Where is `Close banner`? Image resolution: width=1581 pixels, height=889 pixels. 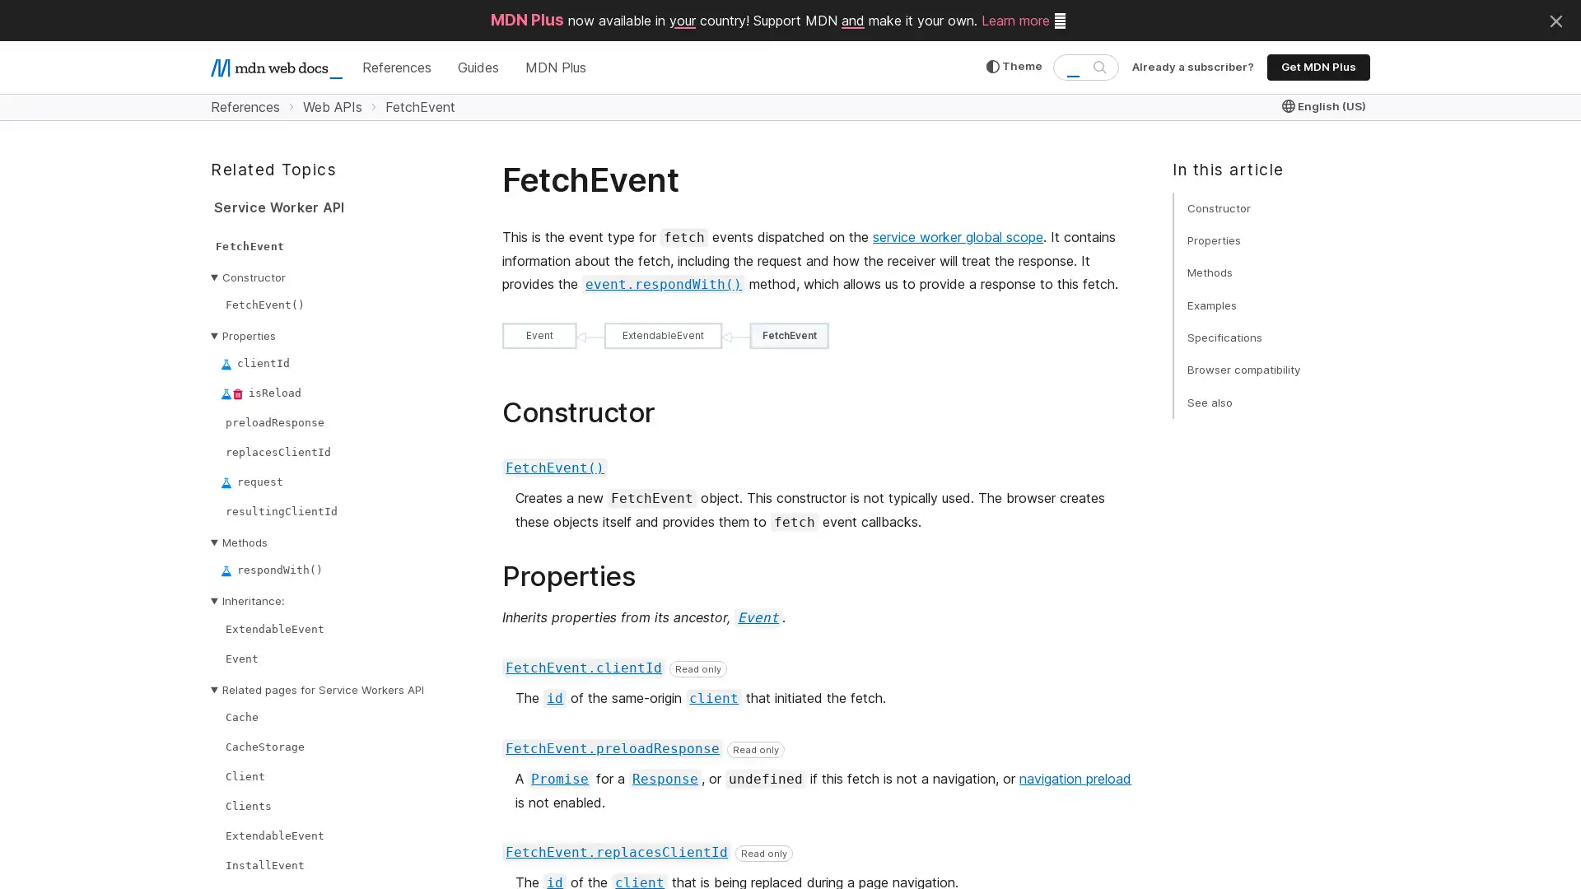
Close banner is located at coordinates (1555, 19).